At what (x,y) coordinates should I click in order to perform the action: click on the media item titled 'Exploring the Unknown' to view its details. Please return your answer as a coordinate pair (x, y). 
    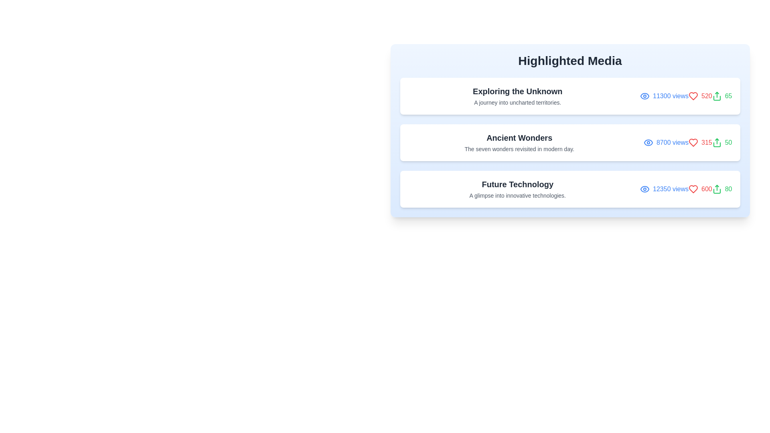
    Looking at the image, I should click on (569, 95).